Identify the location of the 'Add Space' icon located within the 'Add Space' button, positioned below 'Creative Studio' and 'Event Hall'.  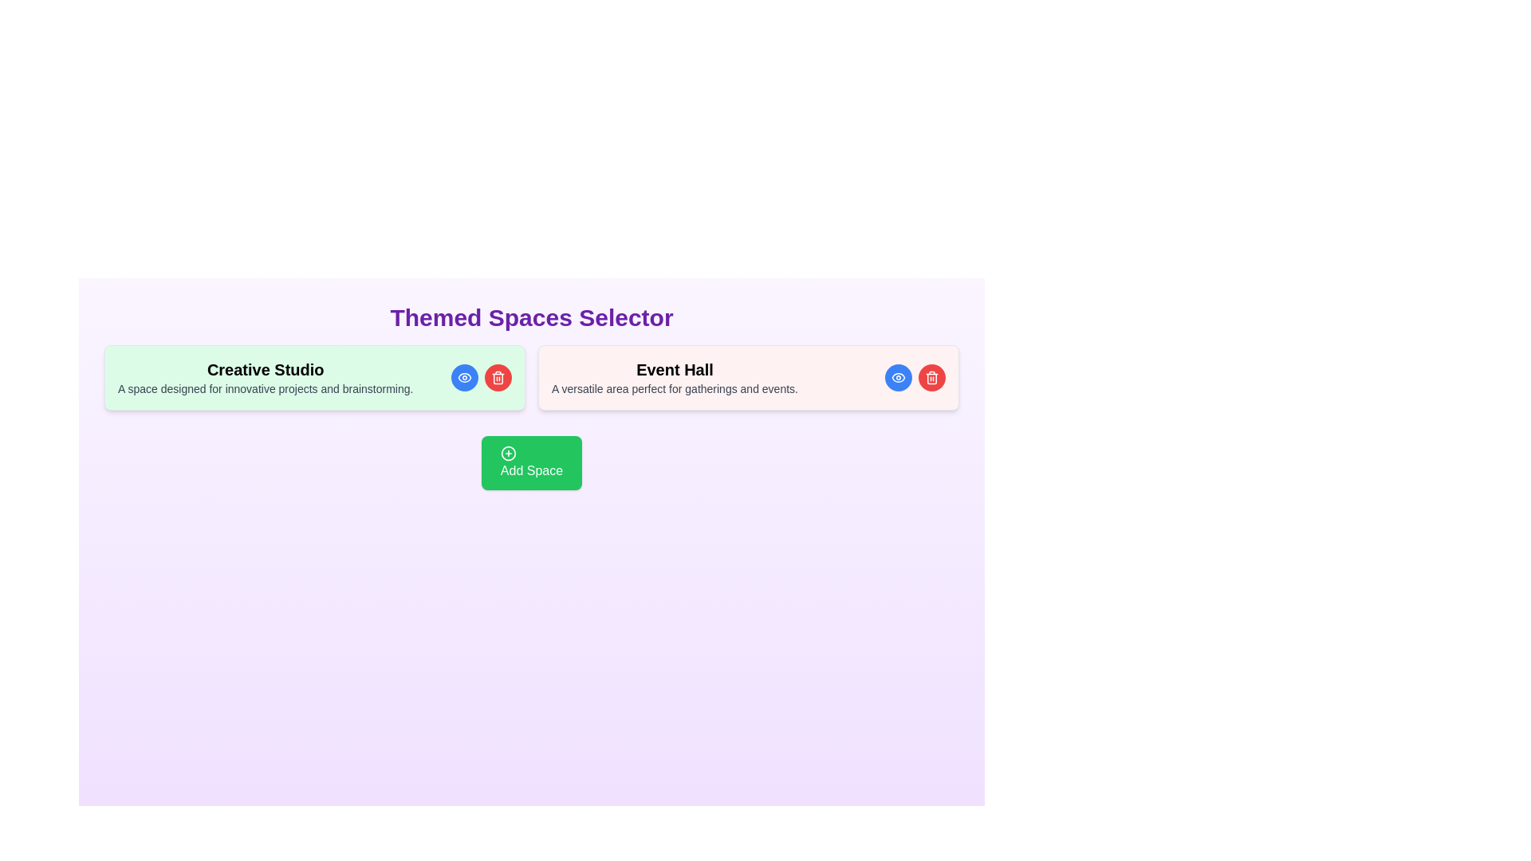
(507, 454).